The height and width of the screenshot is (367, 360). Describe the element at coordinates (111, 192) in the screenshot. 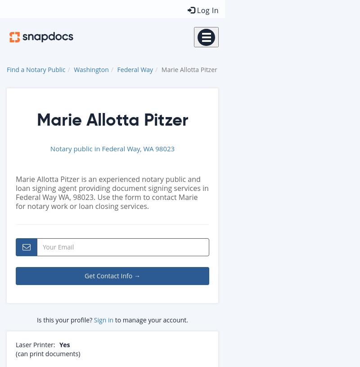

I see `'Marie  Allotta Pitzer is an experienced notary public and loan signing agent providing document signing services       in Federal Way WA, 98023. Use the form to contact Marie        for notary work or loan closing services.'` at that location.